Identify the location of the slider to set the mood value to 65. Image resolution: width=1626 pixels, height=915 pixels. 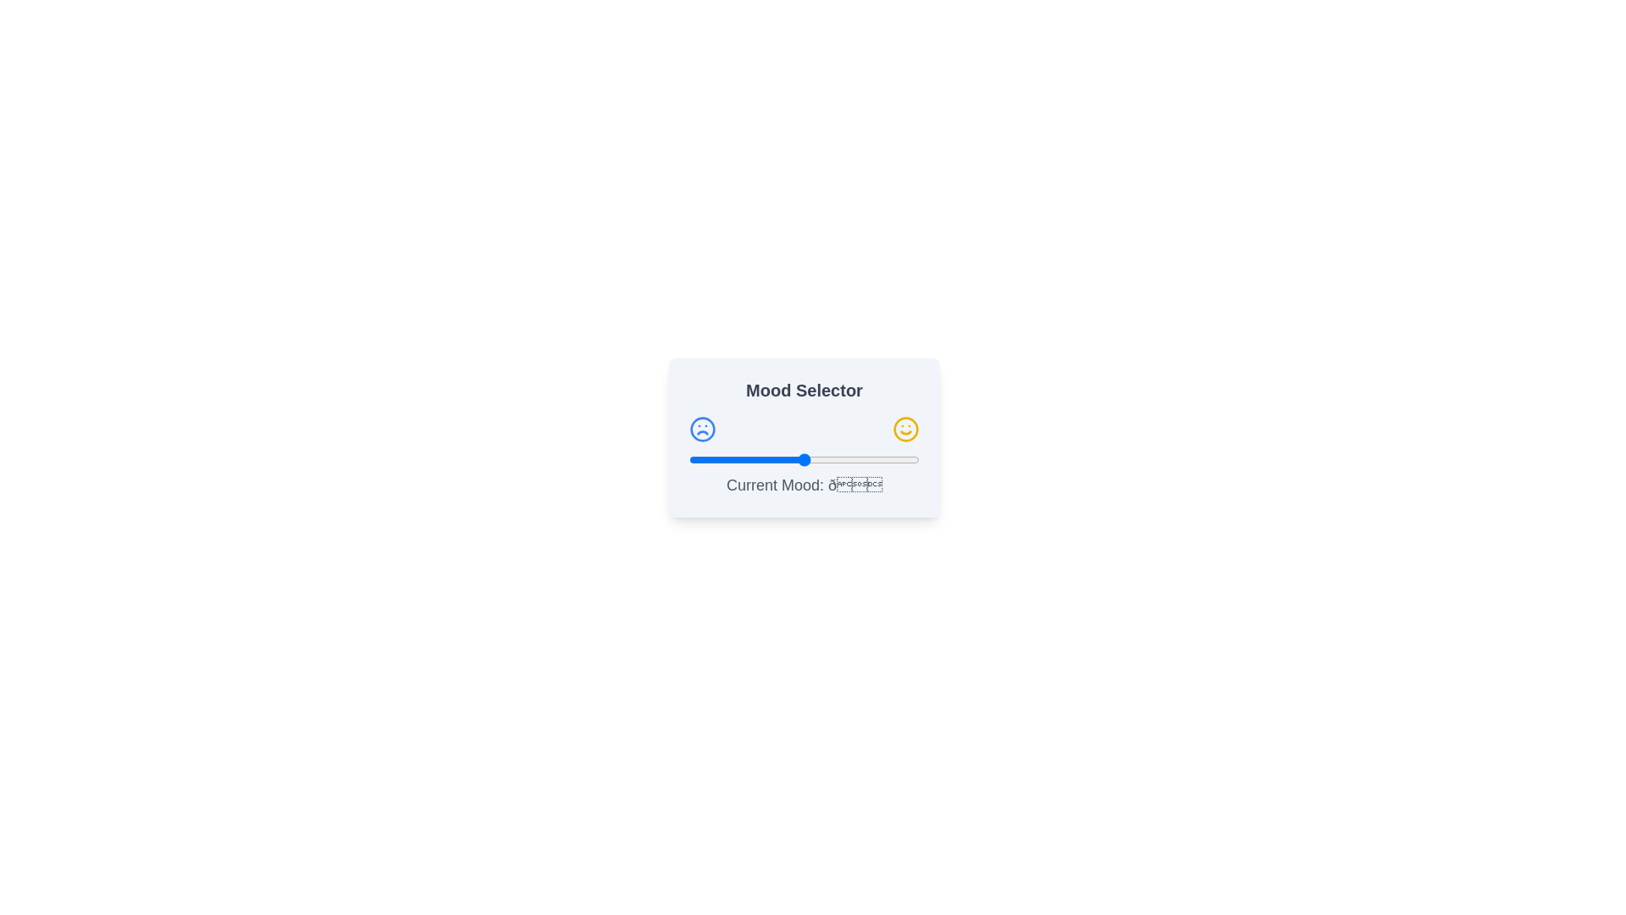
(838, 460).